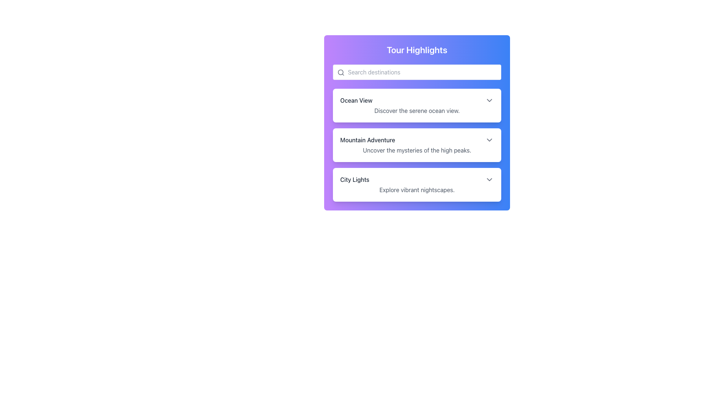 Image resolution: width=704 pixels, height=396 pixels. What do you see at coordinates (417, 145) in the screenshot?
I see `the second card in the 'Tour Highlights' section, which is labeled 'Mountain Adventure'` at bounding box center [417, 145].